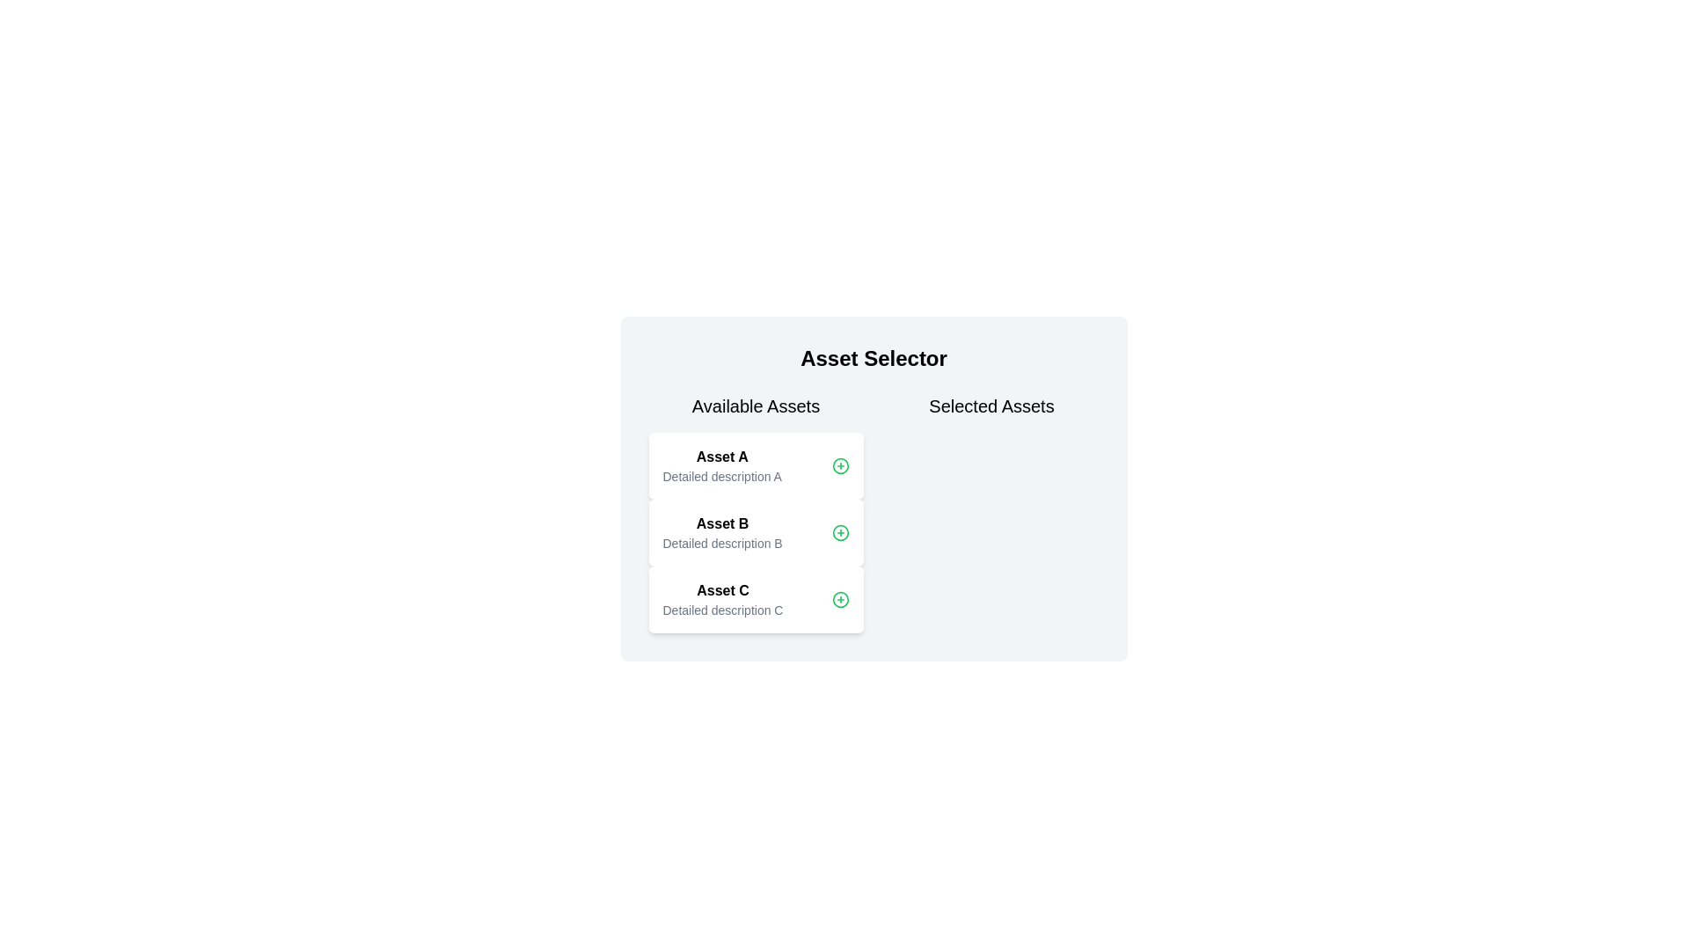 Image resolution: width=1689 pixels, height=950 pixels. I want to click on the second circular button associated with 'Asset B' in the 'Available Assets' column, so click(839, 464).